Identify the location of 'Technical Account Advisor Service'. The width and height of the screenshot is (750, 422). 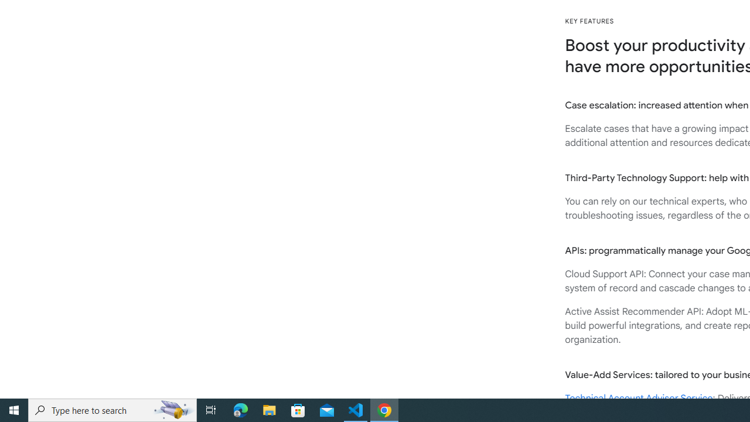
(638, 398).